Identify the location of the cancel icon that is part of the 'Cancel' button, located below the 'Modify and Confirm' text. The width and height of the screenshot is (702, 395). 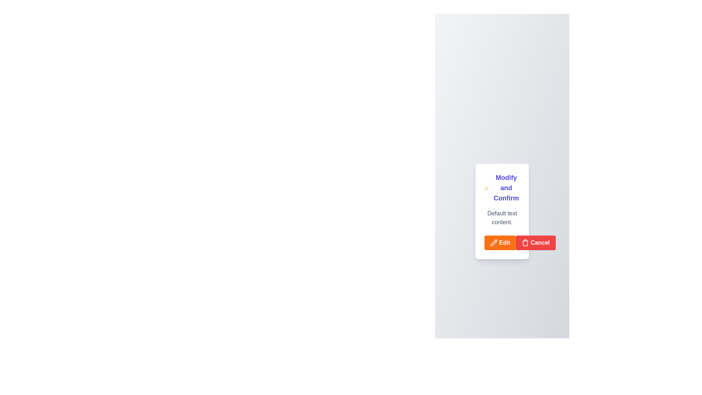
(525, 242).